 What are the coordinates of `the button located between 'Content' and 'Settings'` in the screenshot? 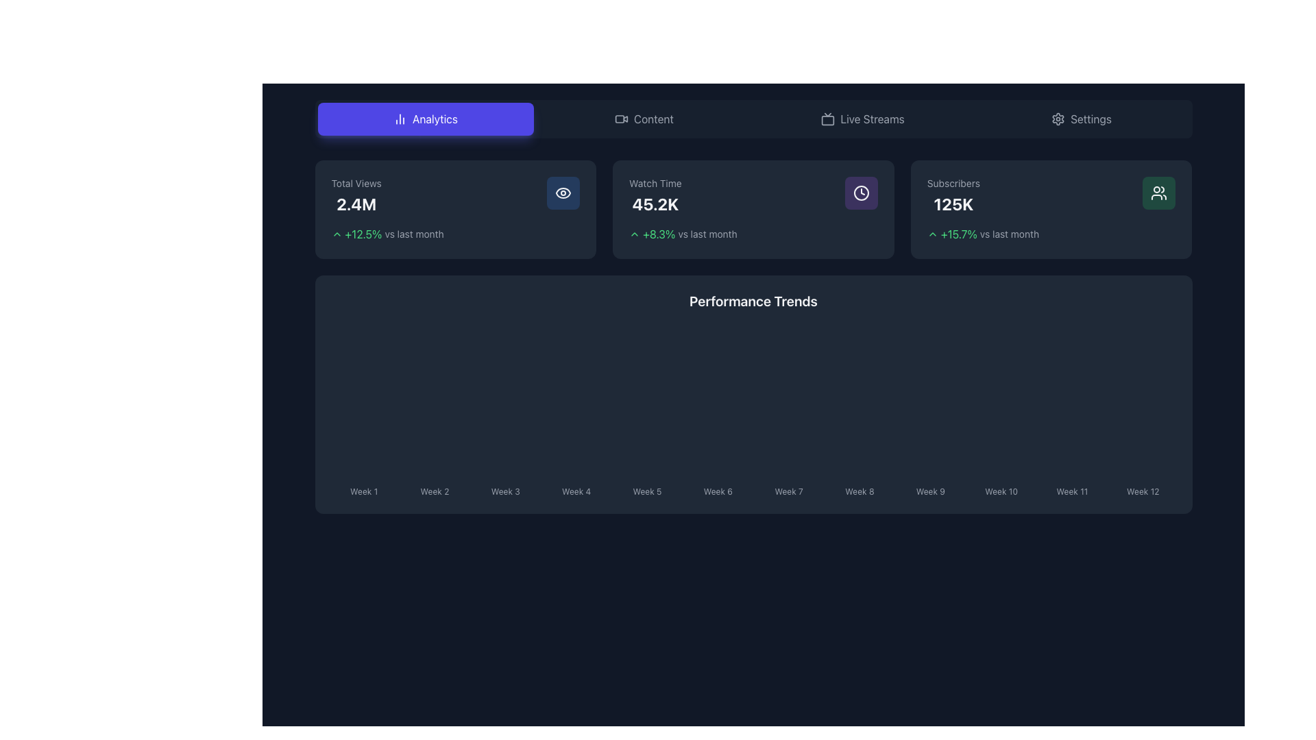 It's located at (862, 118).